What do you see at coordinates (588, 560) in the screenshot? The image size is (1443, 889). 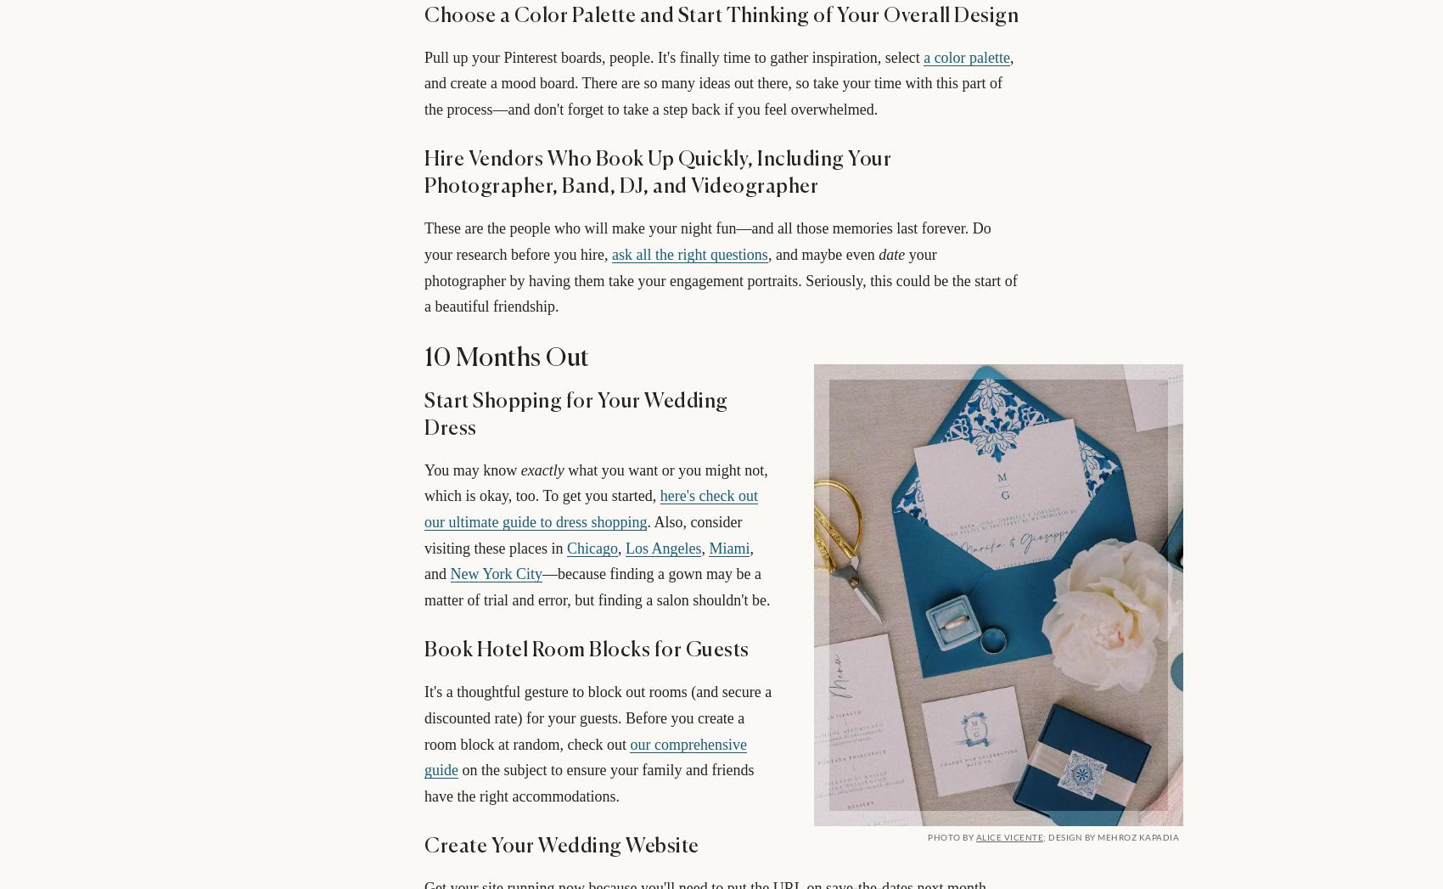 I see `', and'` at bounding box center [588, 560].